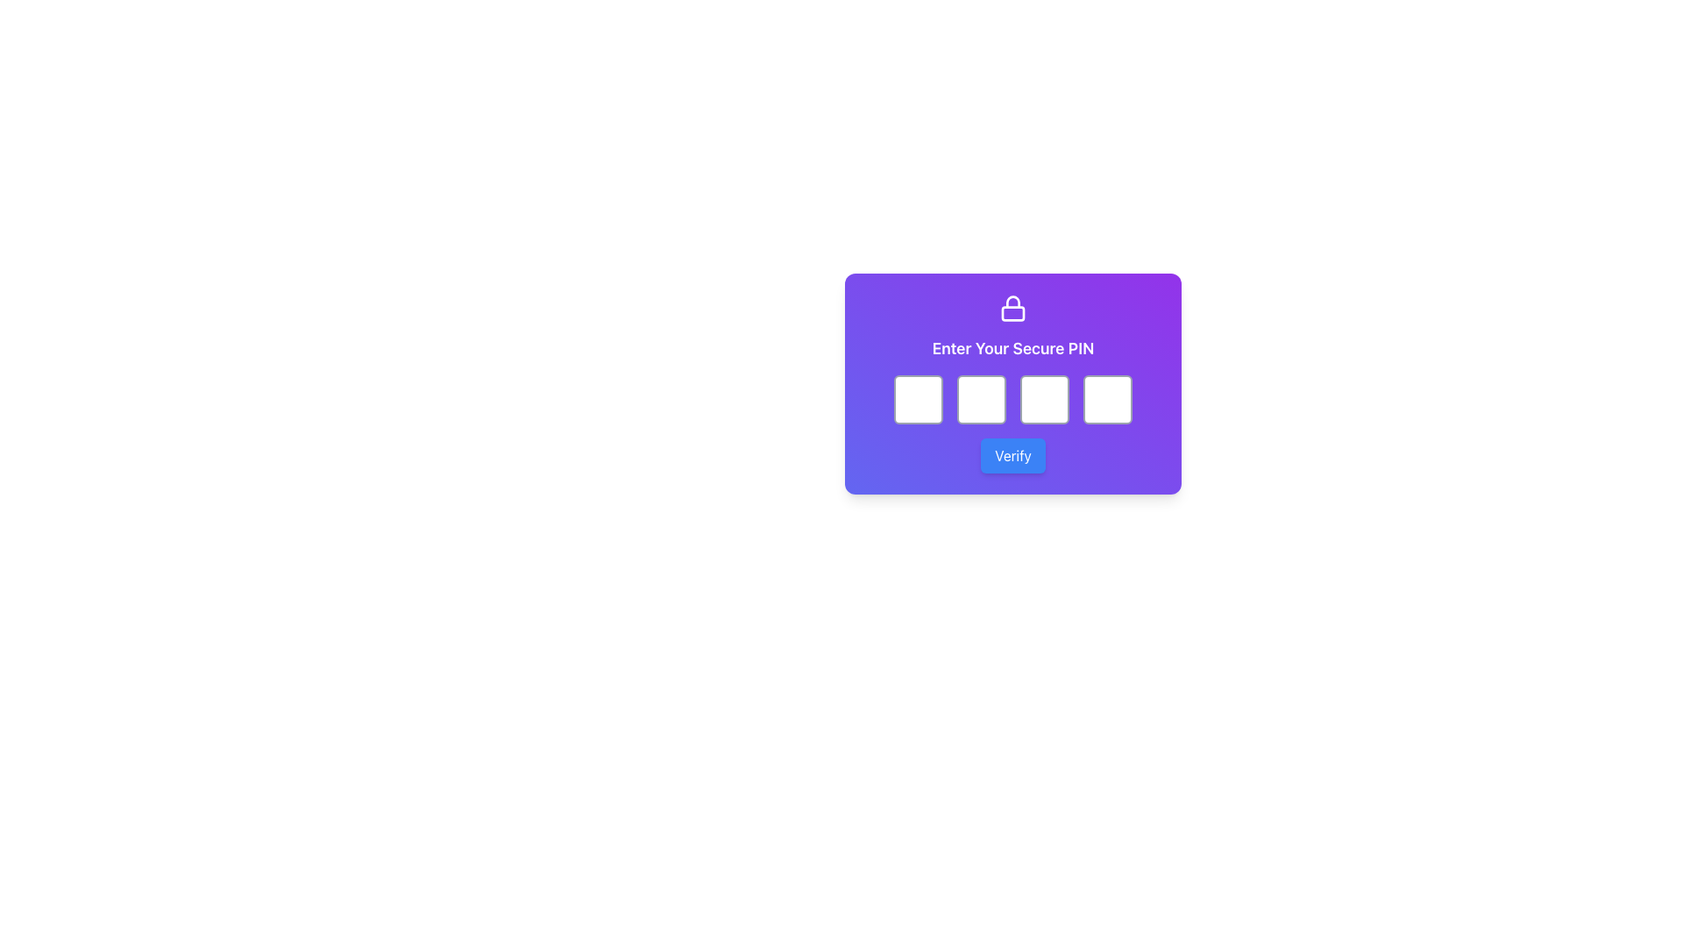 Image resolution: width=1683 pixels, height=947 pixels. I want to click on the lock icon, which serves as a visual indicator for security, located at the top center of the dialog above the 'Enter Your Secure PIN' text, so click(1013, 307).